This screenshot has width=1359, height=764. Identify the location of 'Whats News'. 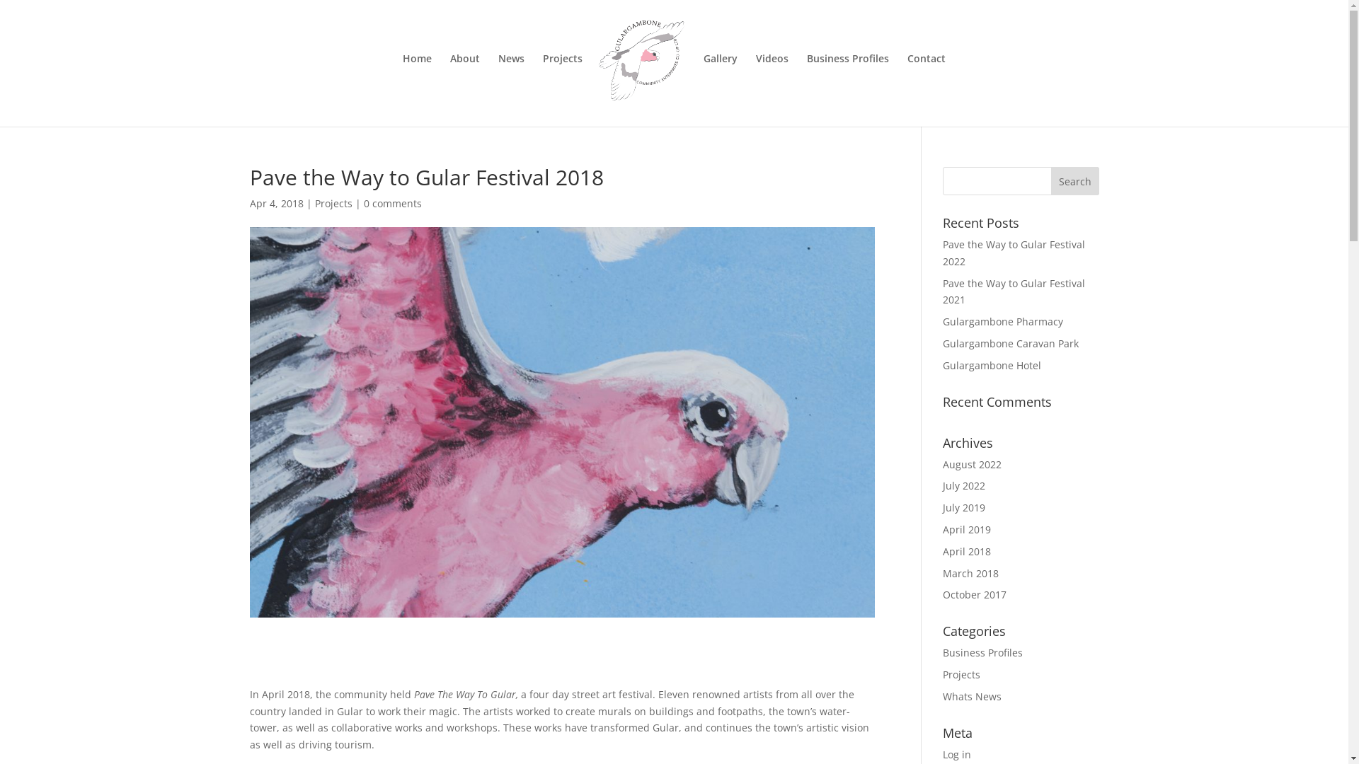
(971, 695).